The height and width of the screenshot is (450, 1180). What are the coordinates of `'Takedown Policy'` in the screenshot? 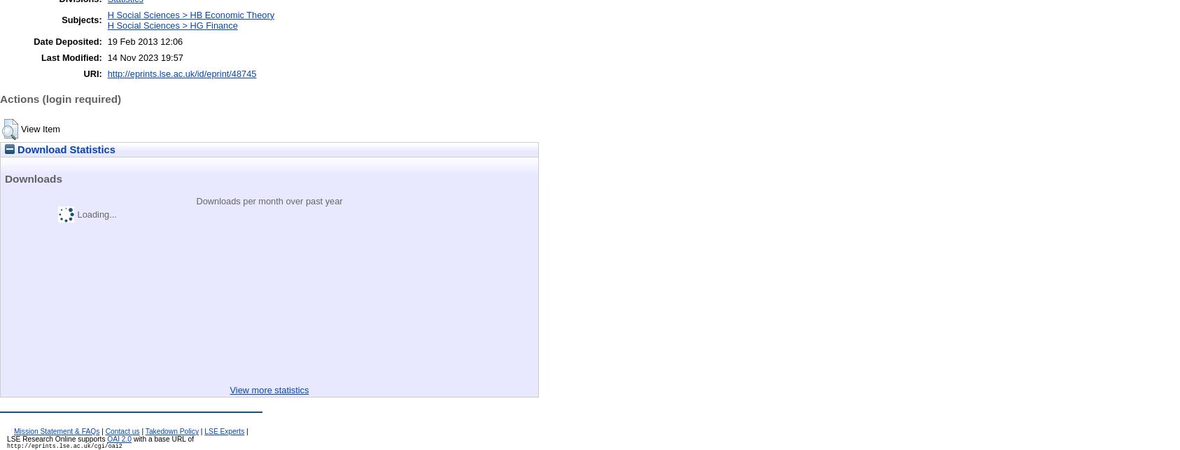 It's located at (171, 430).